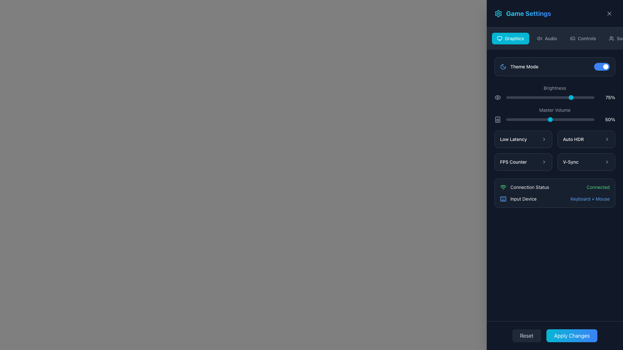 The image size is (623, 350). What do you see at coordinates (529, 120) in the screenshot?
I see `the master volume` at bounding box center [529, 120].